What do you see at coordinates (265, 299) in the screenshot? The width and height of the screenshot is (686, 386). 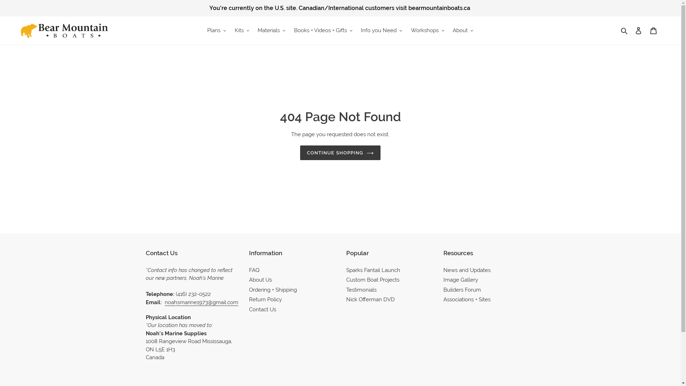 I see `'Return Policy'` at bounding box center [265, 299].